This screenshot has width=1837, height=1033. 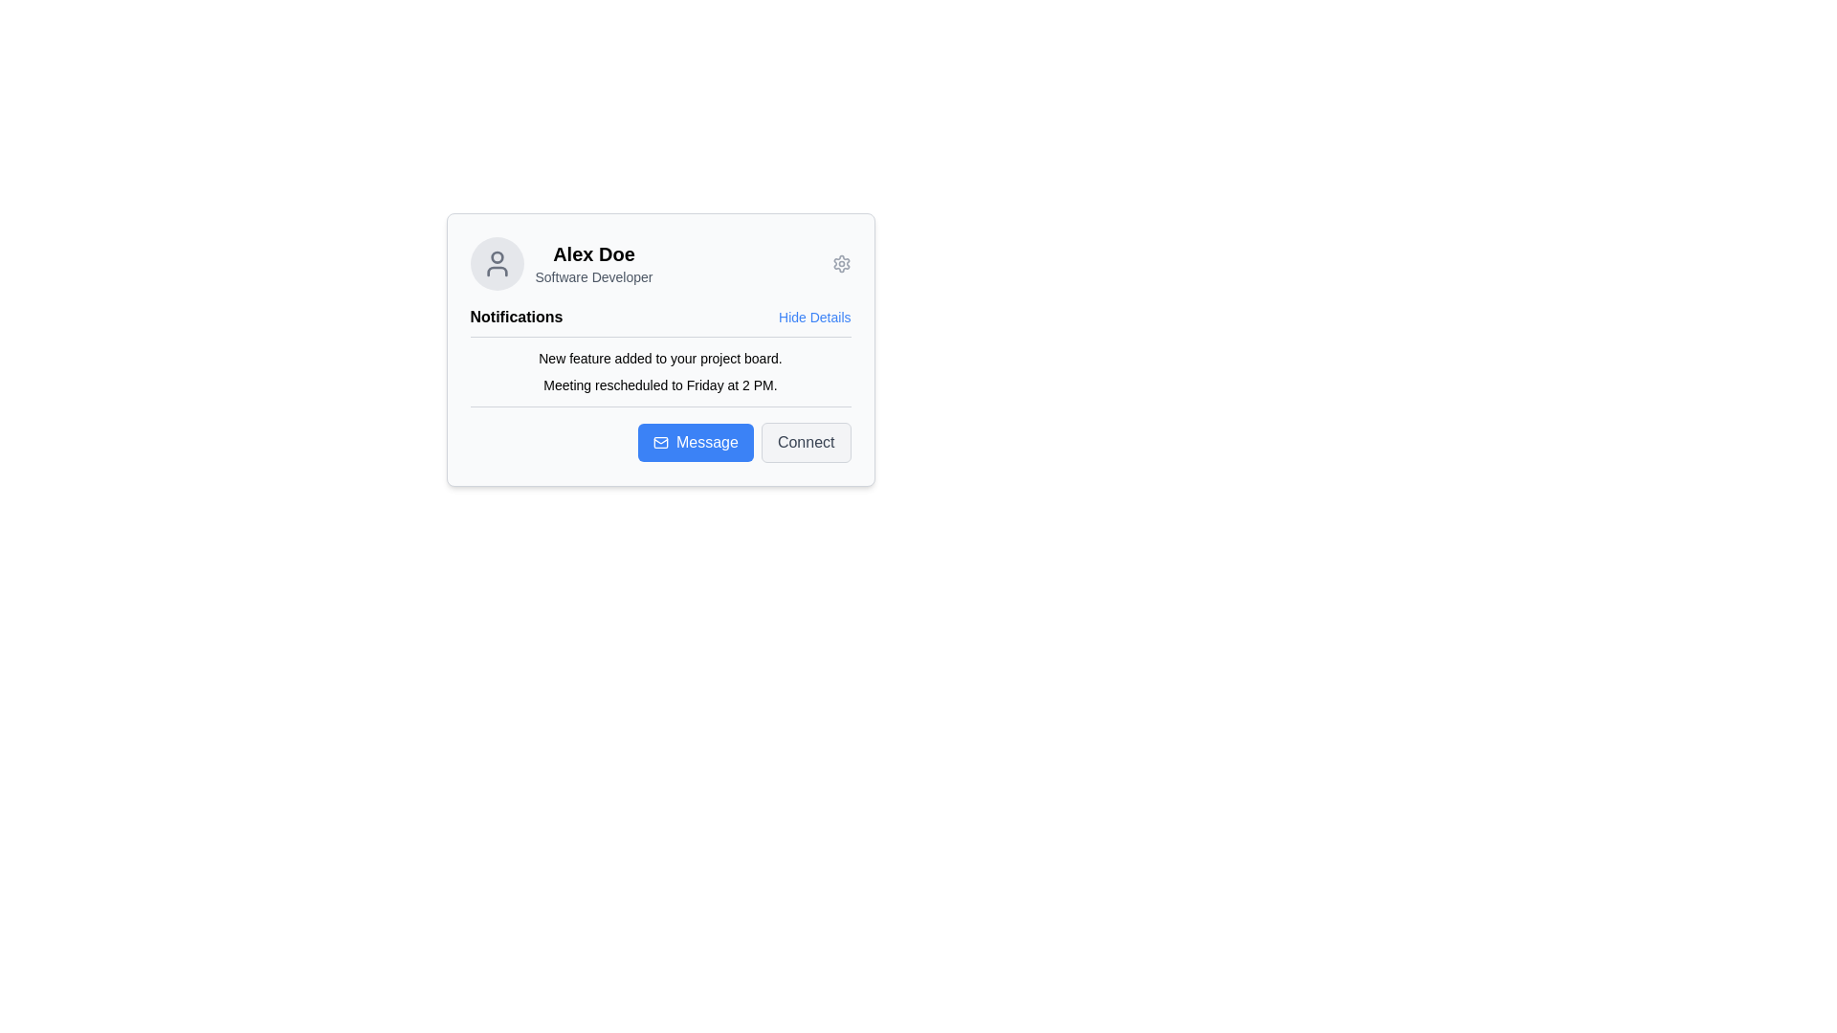 What do you see at coordinates (660, 372) in the screenshot?
I see `the Text block containing the notifications about the new feature and the rescheduled meeting, located in the lower-middle of the Notifications panel` at bounding box center [660, 372].